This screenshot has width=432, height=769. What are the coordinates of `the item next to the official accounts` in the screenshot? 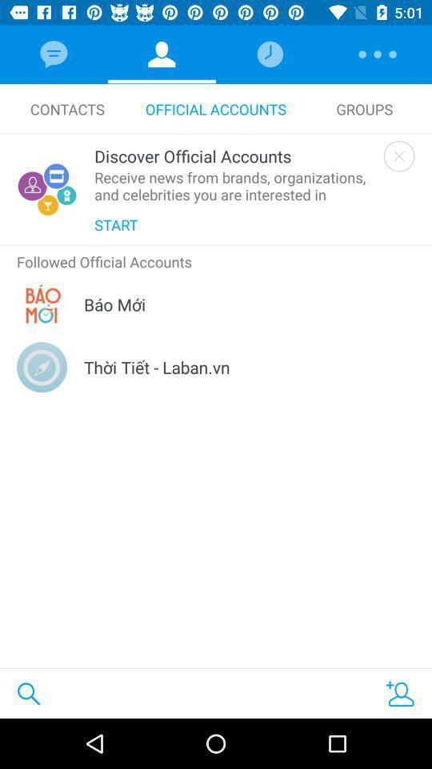 It's located at (364, 108).